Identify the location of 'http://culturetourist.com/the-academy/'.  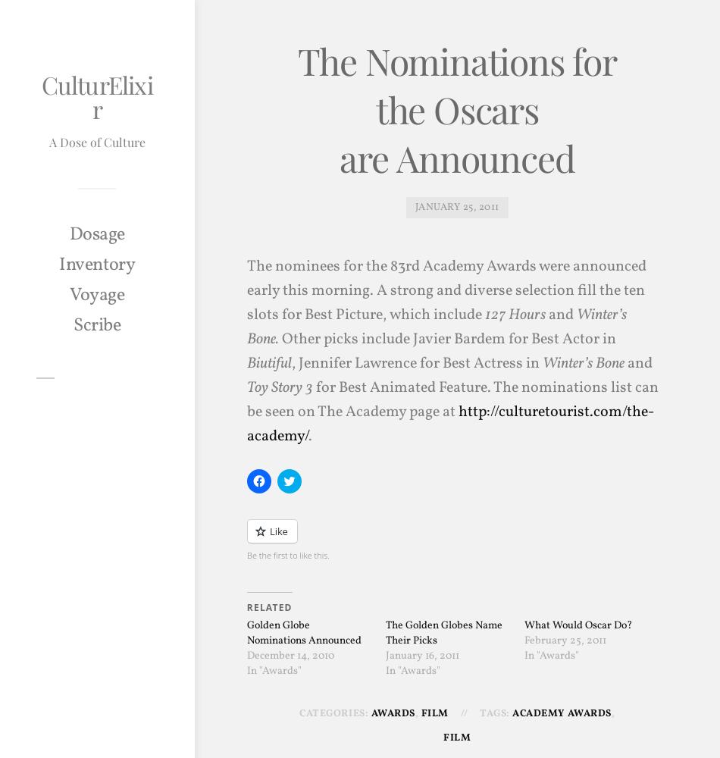
(245, 424).